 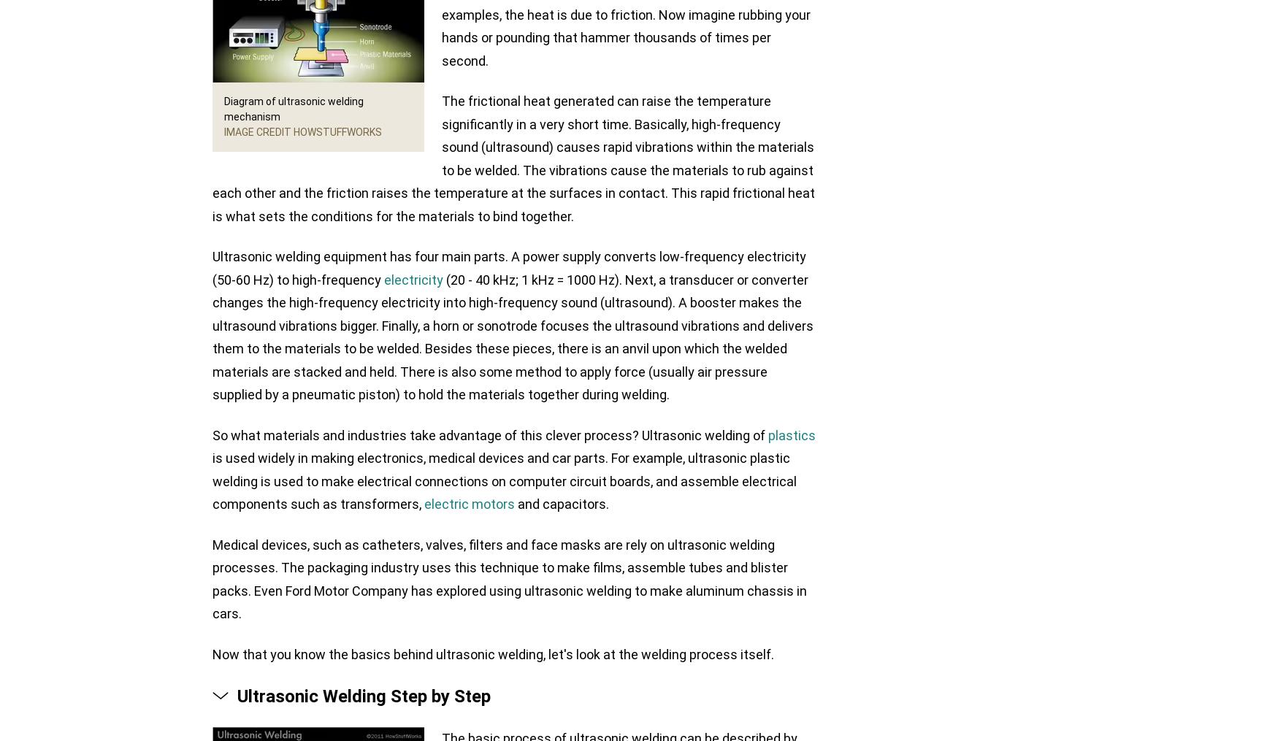 I want to click on 'The frictional heat generated can raise the temperature significantly in a very short time. Basically, high-frequency sound (ultrasound) causes rapid vibrations within the materials to be welded. The vibrations cause the materials to rub against each other and the friction raises the temperature at the surfaces in contact. This rapid frictional heat is what sets the conditions for the materials to bind together.', so click(x=212, y=158).